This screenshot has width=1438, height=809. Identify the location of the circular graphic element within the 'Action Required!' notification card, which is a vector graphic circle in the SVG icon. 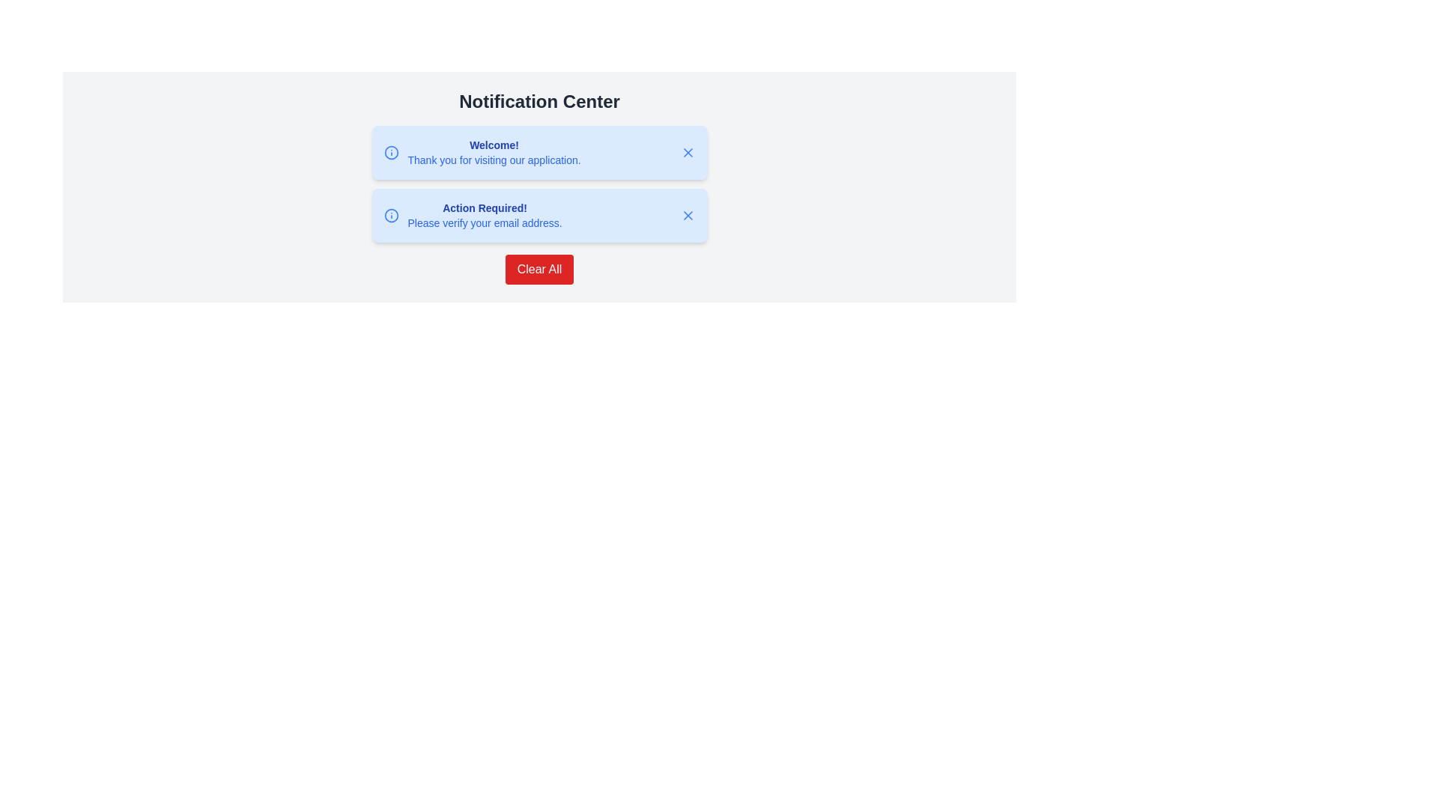
(391, 153).